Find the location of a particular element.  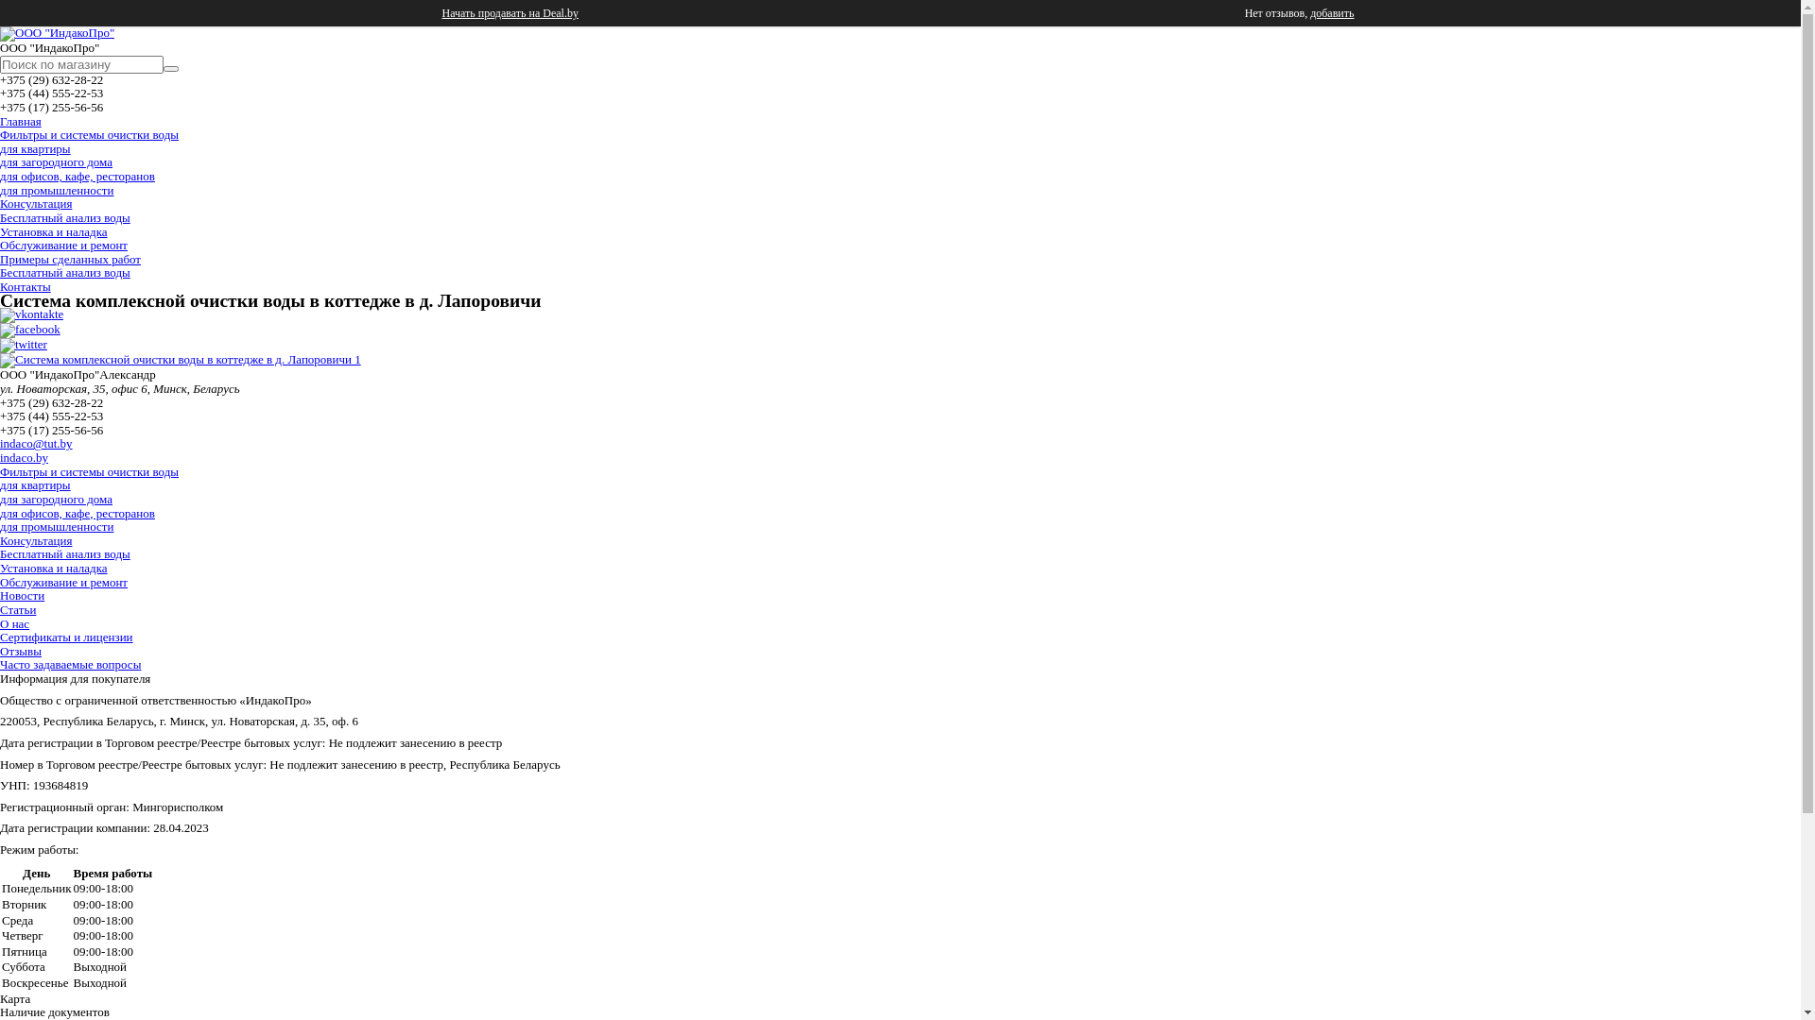

'indaco@tut.by' is located at coordinates (36, 443).